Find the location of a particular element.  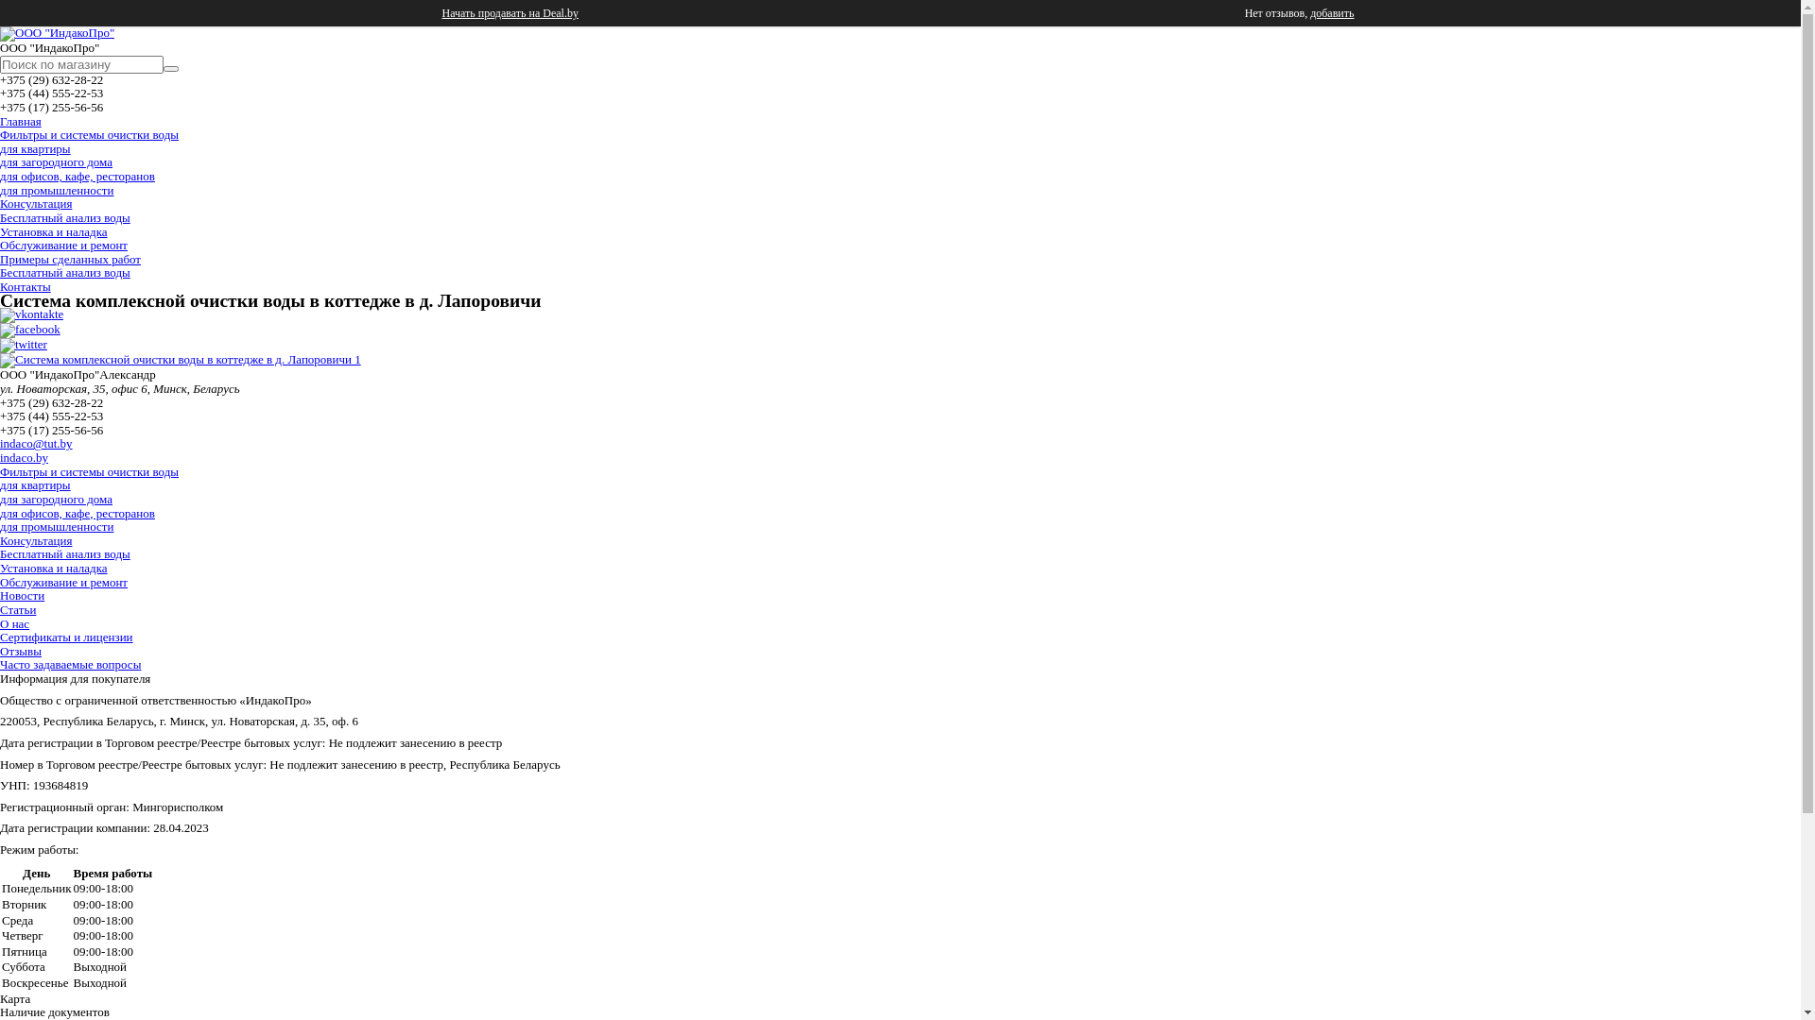

'indaco@tut.by' is located at coordinates (36, 443).